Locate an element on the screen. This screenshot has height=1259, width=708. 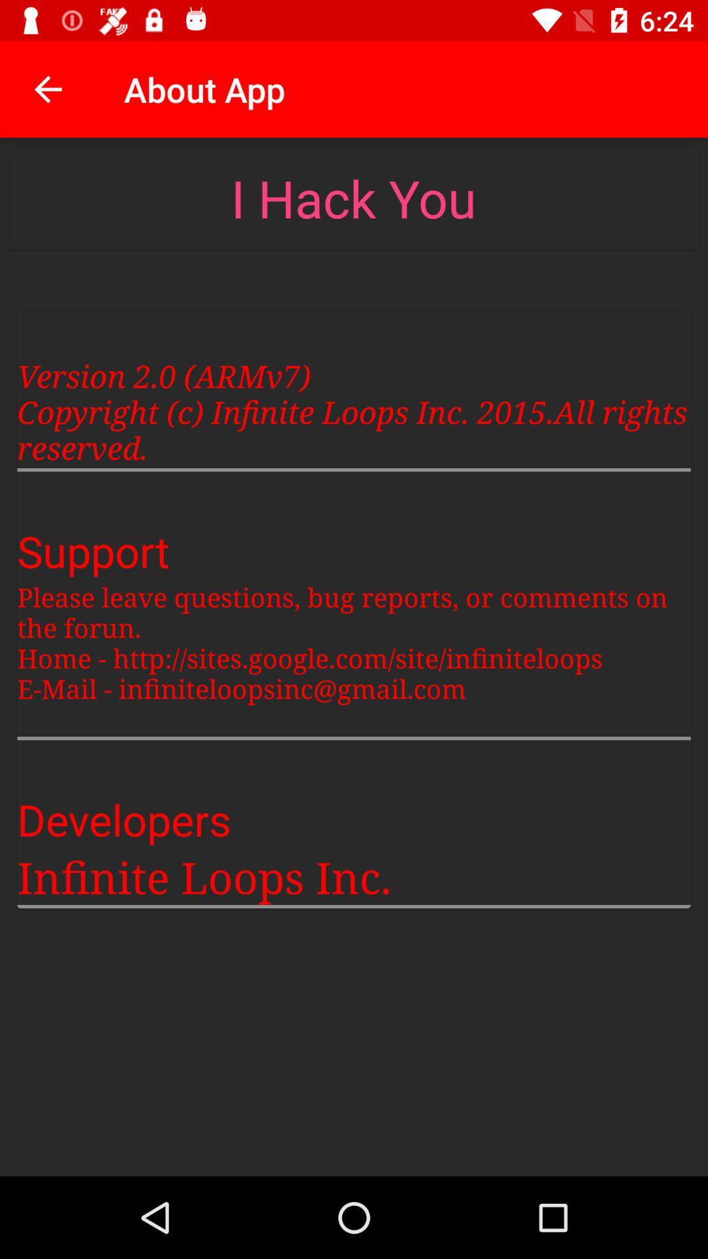
the icon above version 2 0 is located at coordinates (353, 197).